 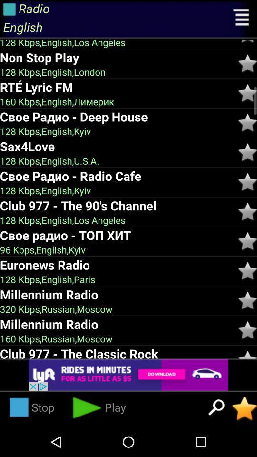 What do you see at coordinates (247, 330) in the screenshot?
I see `favorite` at bounding box center [247, 330].